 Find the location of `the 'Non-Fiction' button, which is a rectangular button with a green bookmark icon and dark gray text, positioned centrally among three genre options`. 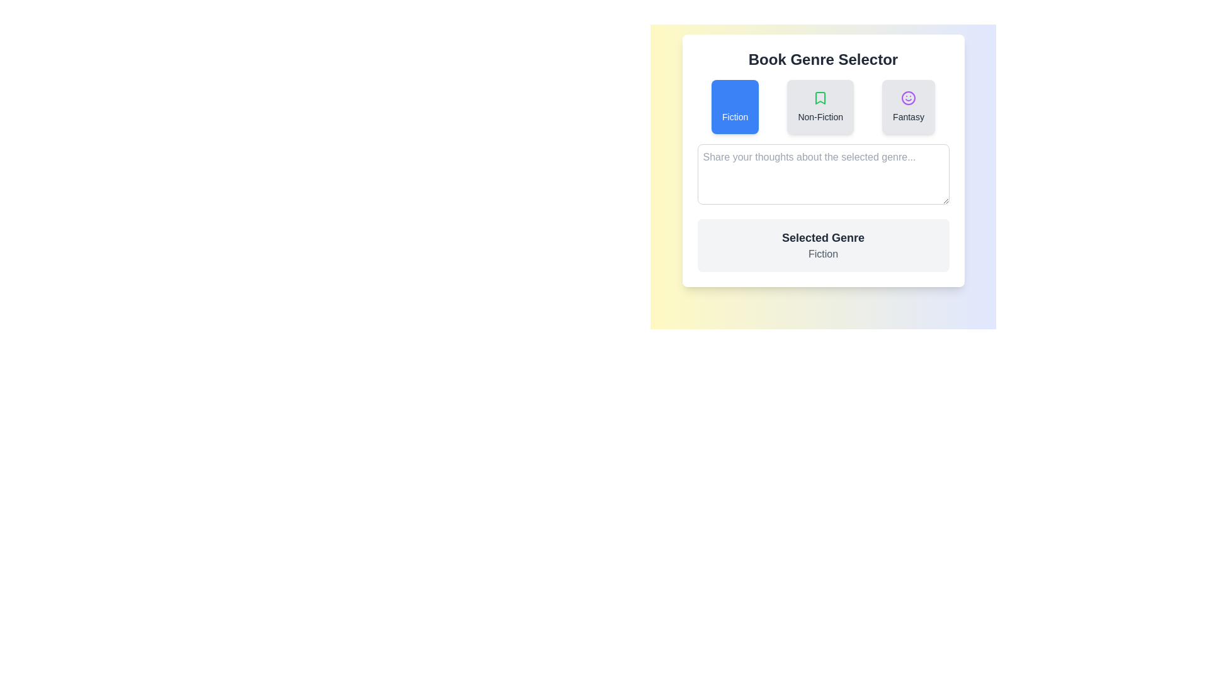

the 'Non-Fiction' button, which is a rectangular button with a green bookmark icon and dark gray text, positioned centrally among three genre options is located at coordinates (820, 106).